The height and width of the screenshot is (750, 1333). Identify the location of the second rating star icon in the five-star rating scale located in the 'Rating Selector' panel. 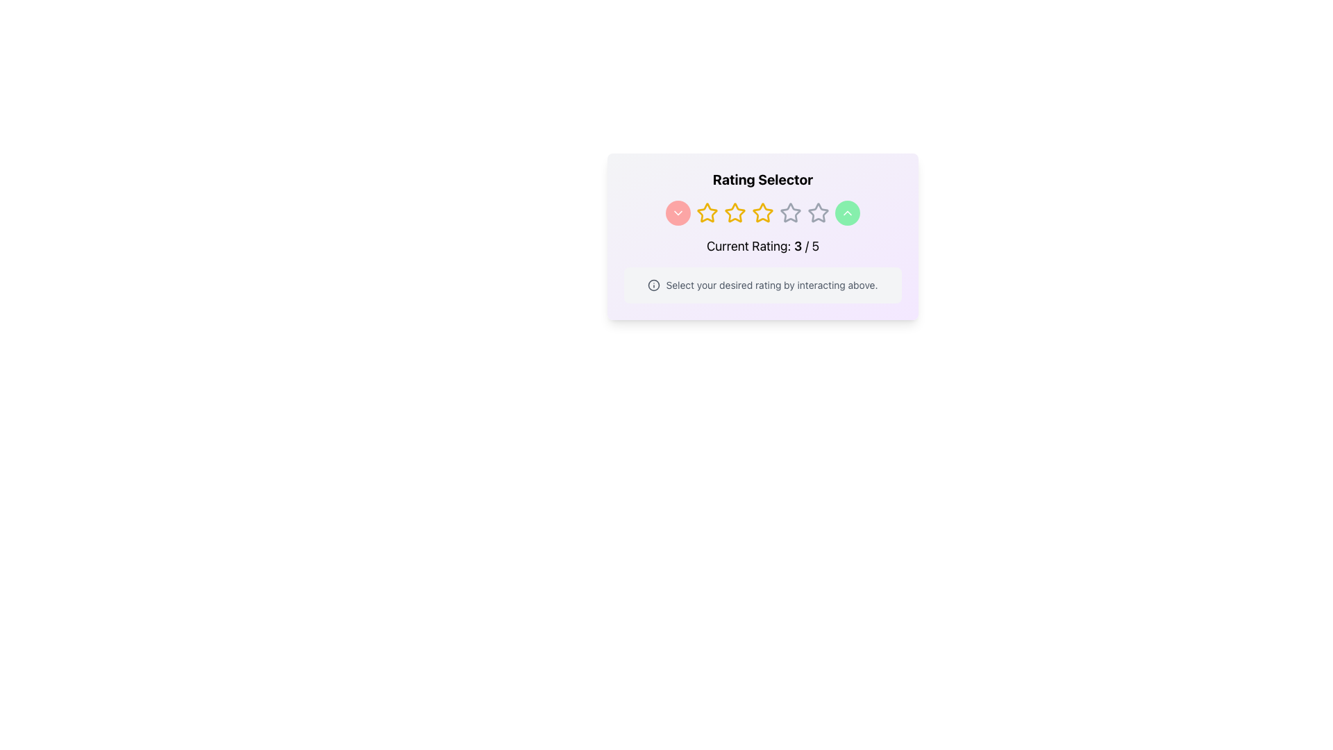
(707, 212).